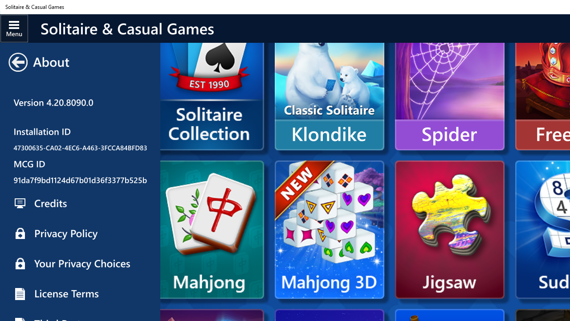  Describe the element at coordinates (14, 28) in the screenshot. I see `'Menu'` at that location.